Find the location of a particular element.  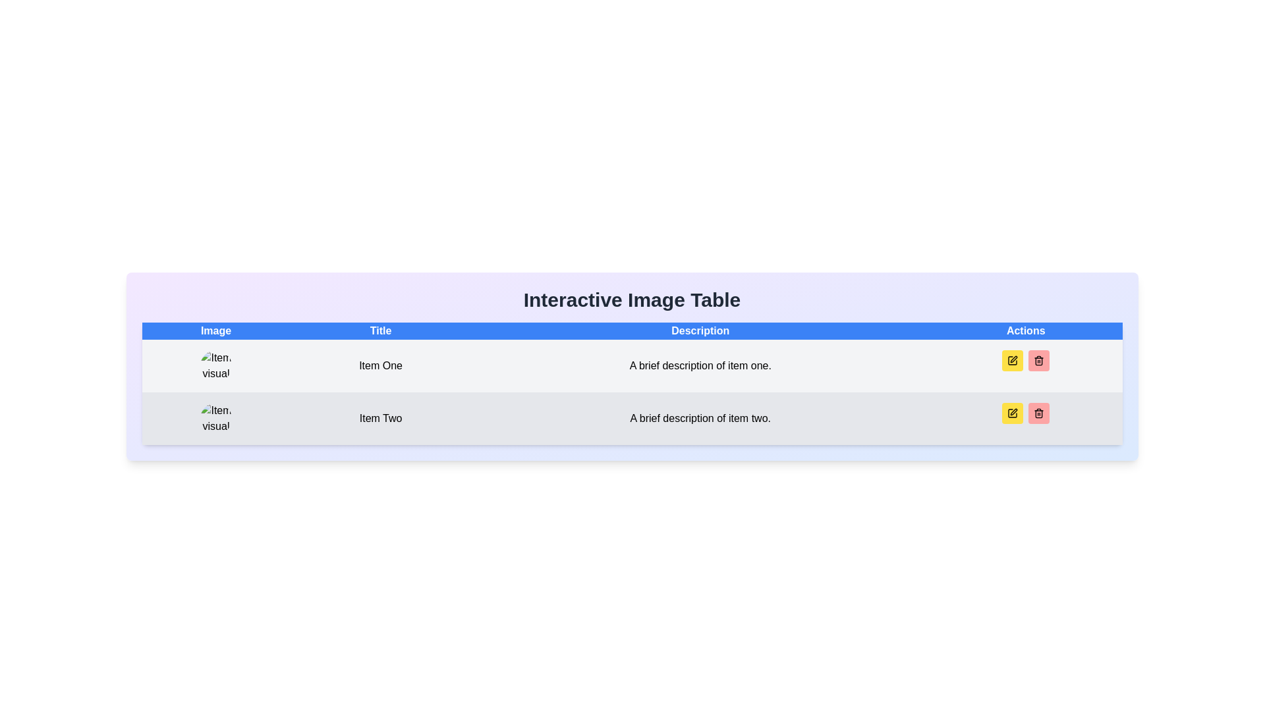

the square icon button with a pen overlay located in the 'Actions' column adjacent to the second row titled 'Item Two' is located at coordinates (1012, 413).